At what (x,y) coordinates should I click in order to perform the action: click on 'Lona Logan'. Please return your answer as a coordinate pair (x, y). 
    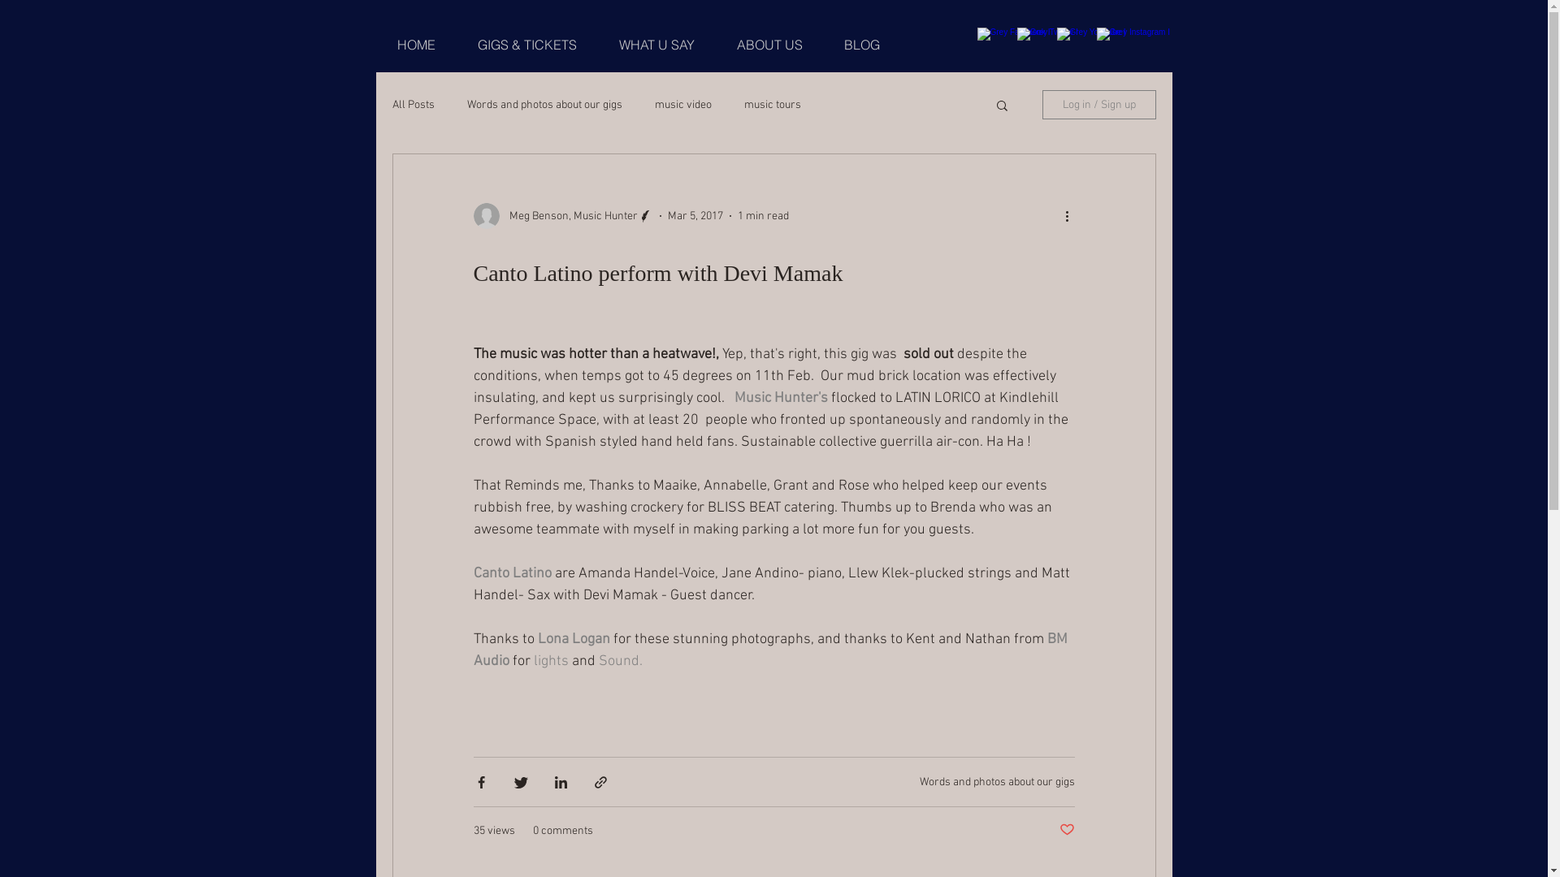
    Looking at the image, I should click on (574, 638).